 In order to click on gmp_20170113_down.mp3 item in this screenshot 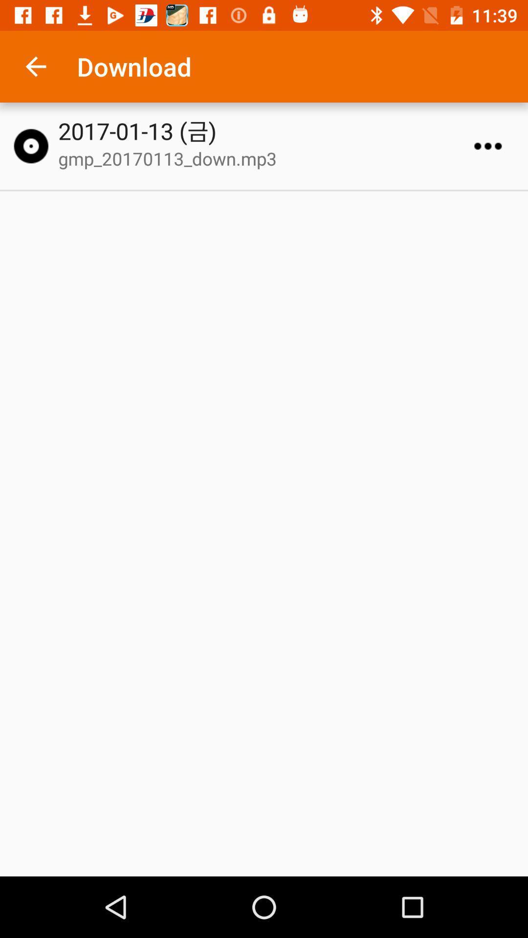, I will do `click(268, 158)`.